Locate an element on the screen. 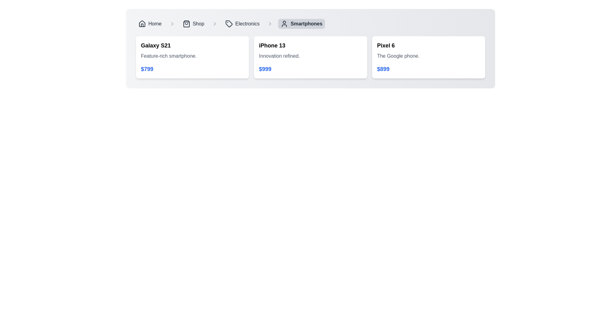  the 'Electronics' icon located in the breadcrumb navigation bar, which serves as a visual representation for the navigation item is located at coordinates (229, 24).